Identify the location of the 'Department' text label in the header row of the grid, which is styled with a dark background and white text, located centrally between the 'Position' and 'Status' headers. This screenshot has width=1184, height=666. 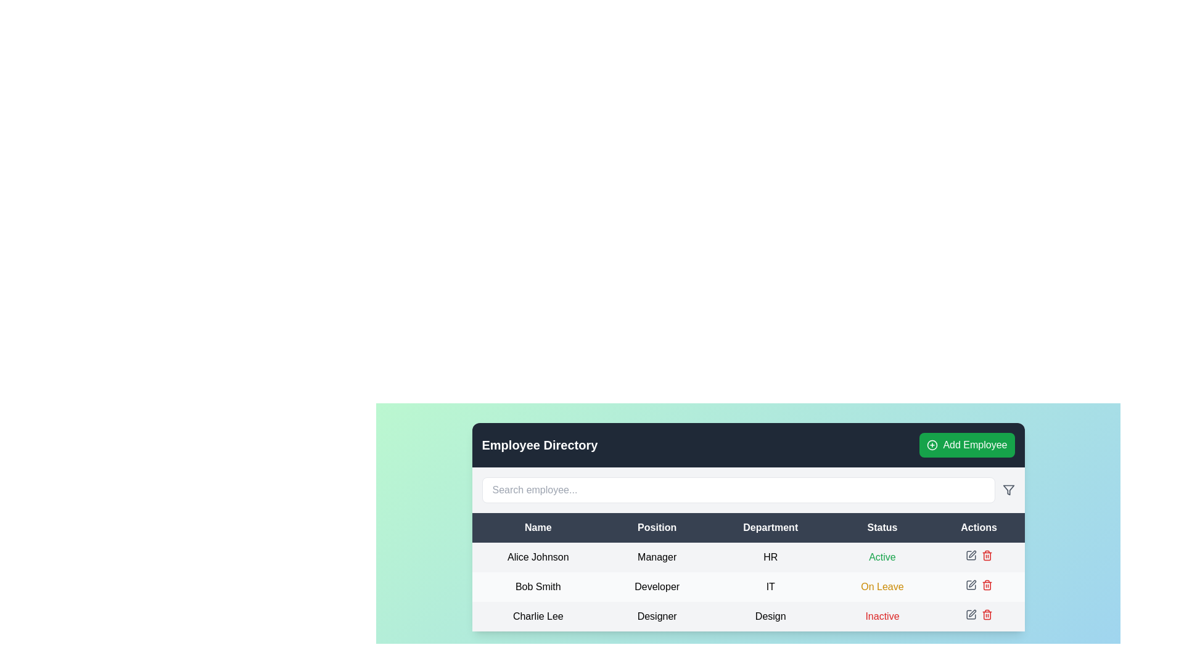
(770, 527).